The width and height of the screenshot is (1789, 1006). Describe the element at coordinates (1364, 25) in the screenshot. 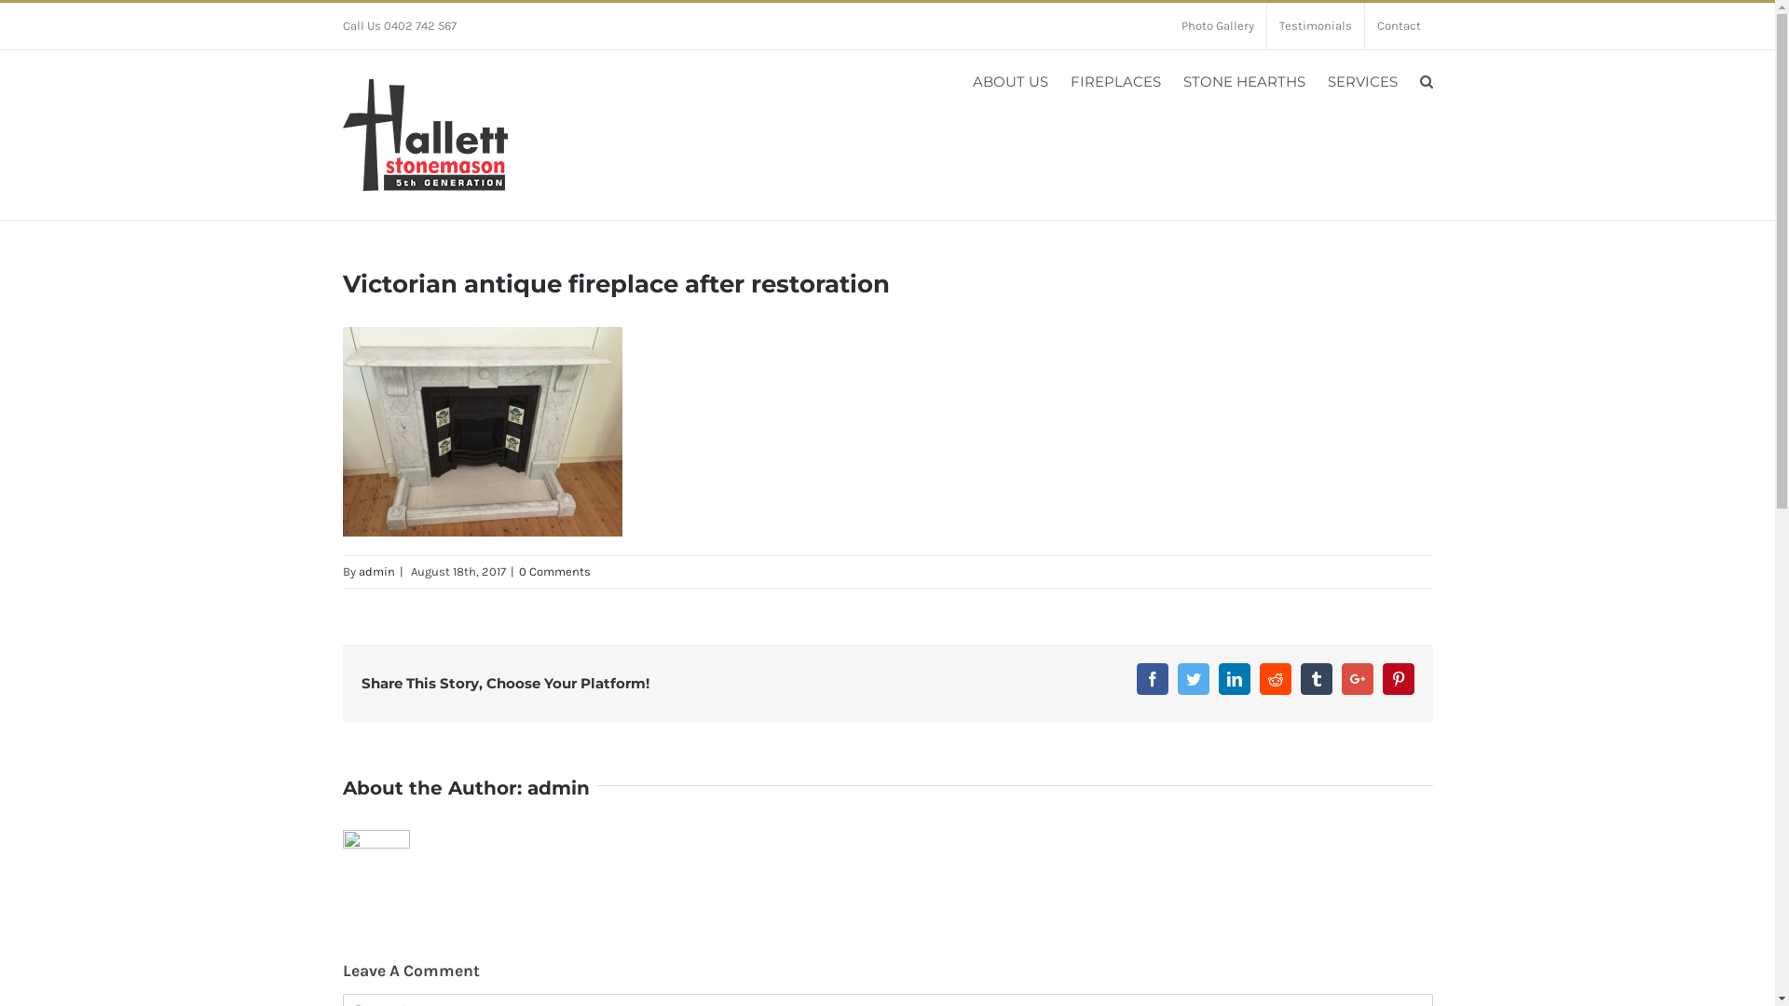

I see `'Contact'` at that location.